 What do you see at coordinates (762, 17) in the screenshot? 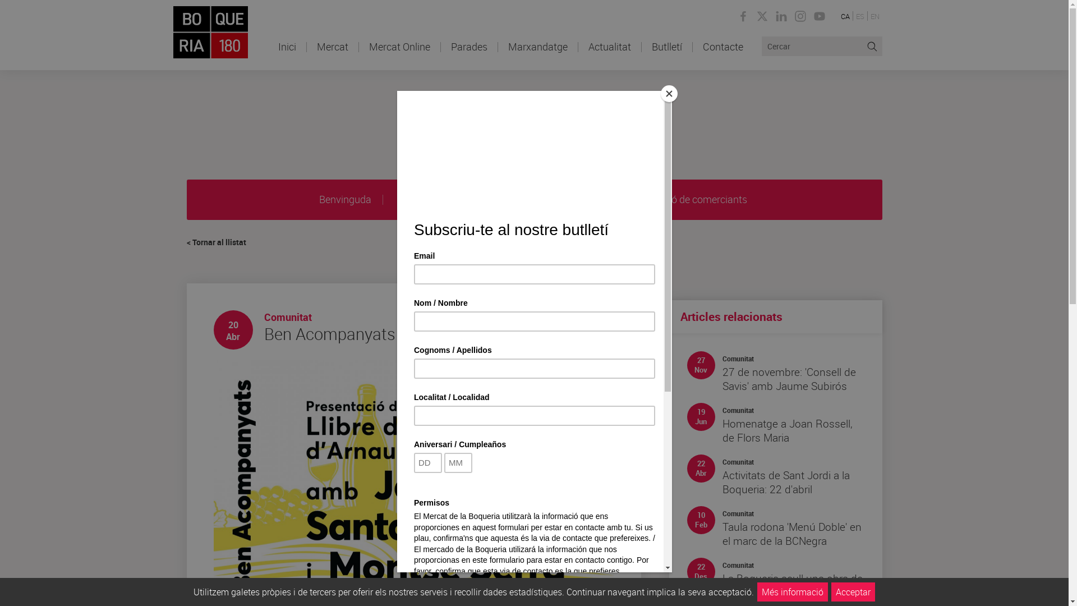
I see `'Twitter de la Boqueria'` at bounding box center [762, 17].